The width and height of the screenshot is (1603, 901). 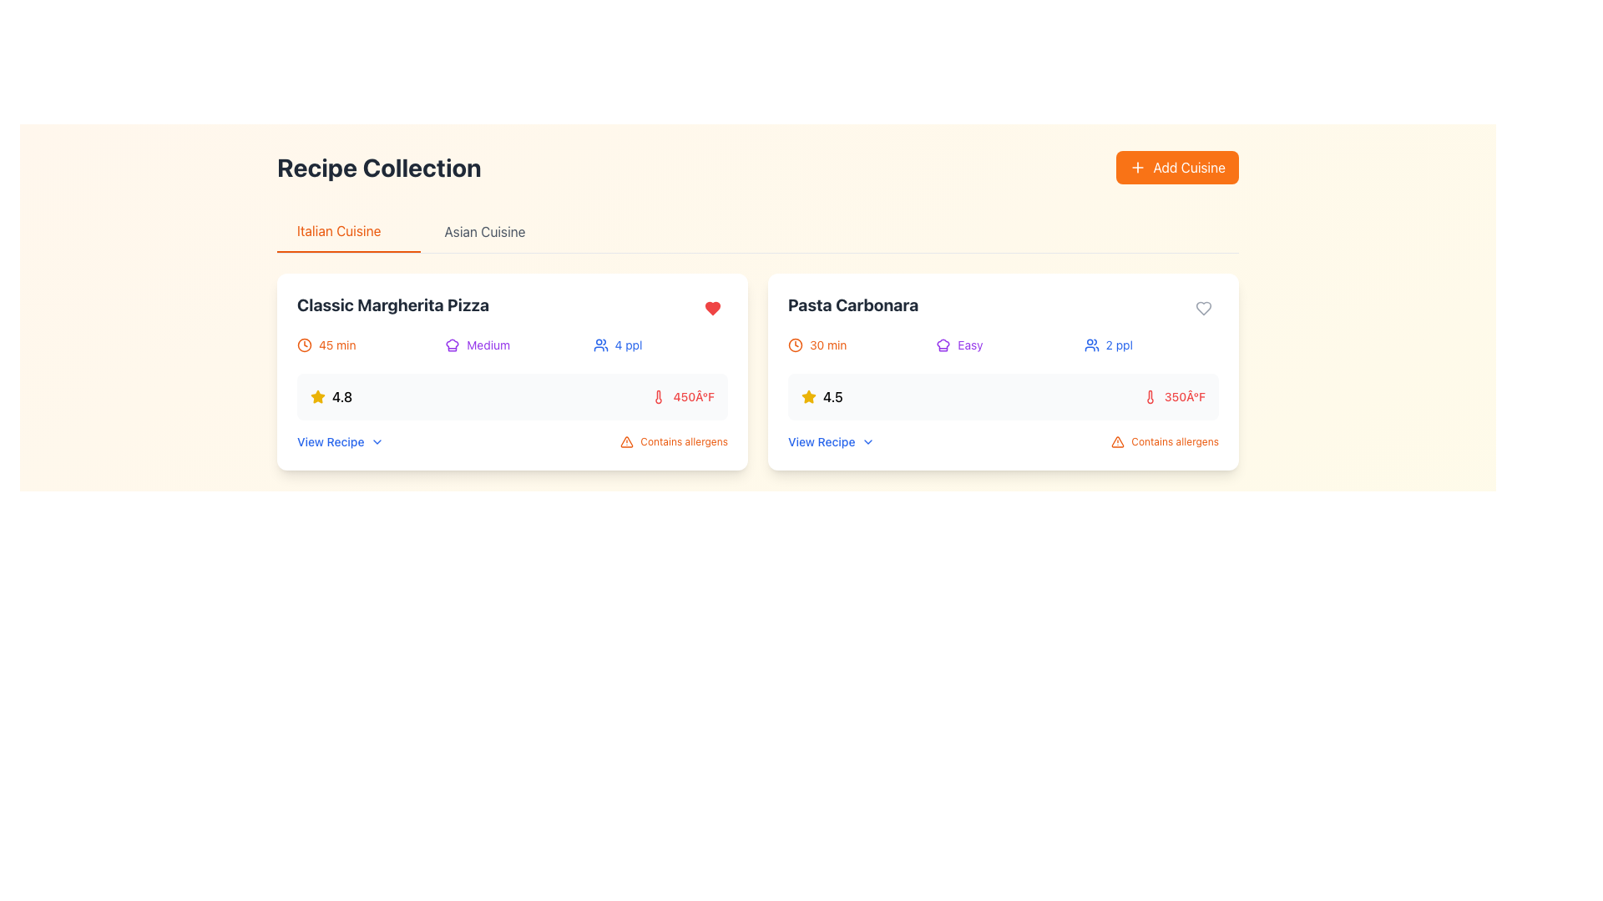 What do you see at coordinates (713, 309) in the screenshot?
I see `the red heart-shaped icon button in the top-right corner of the 'Classic Margherita Pizza' tile` at bounding box center [713, 309].